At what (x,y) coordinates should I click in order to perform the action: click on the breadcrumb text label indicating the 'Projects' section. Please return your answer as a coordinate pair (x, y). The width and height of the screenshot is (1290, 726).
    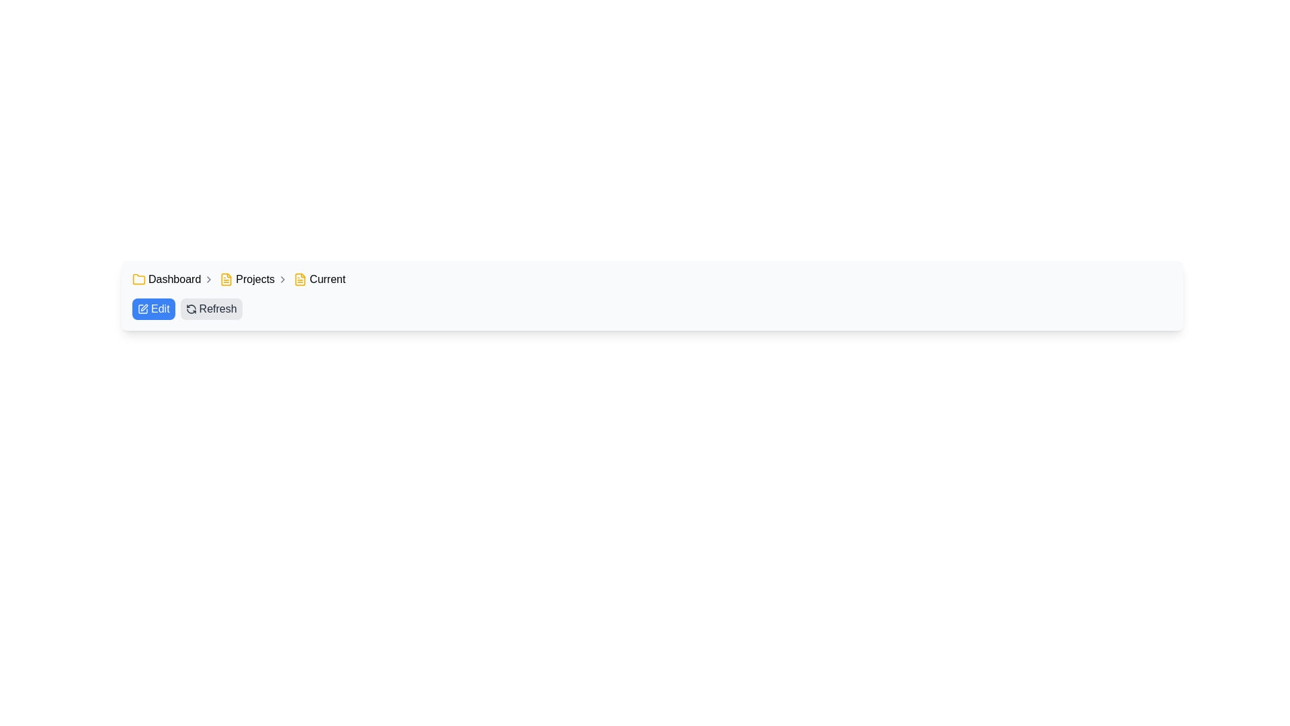
    Looking at the image, I should click on (255, 279).